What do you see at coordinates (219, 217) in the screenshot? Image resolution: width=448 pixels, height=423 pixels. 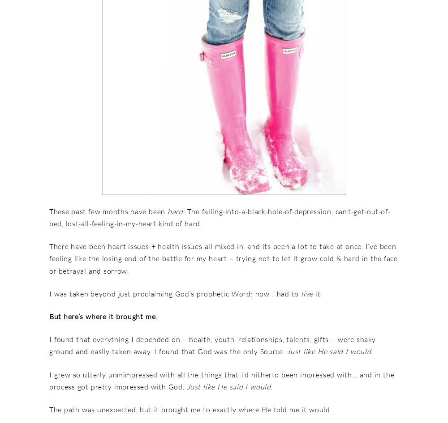 I see `'. The falling-into-a-black-hole-of-depression, can’t-get-out-of-bed, lost-all-feeling-in-my-heart kind of hard.'` at bounding box center [219, 217].